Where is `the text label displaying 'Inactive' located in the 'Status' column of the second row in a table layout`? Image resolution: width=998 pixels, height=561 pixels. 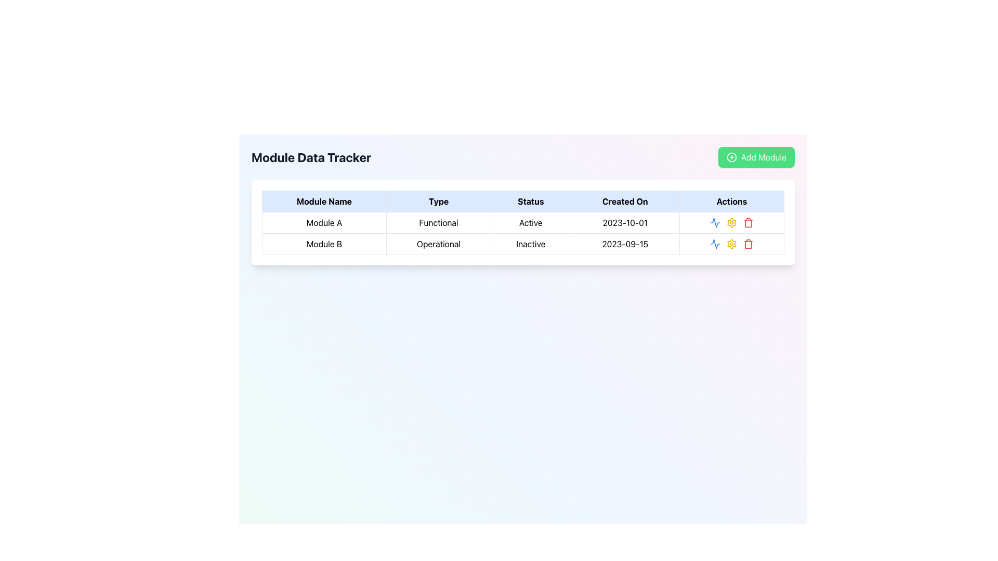 the text label displaying 'Inactive' located in the 'Status' column of the second row in a table layout is located at coordinates (531, 244).